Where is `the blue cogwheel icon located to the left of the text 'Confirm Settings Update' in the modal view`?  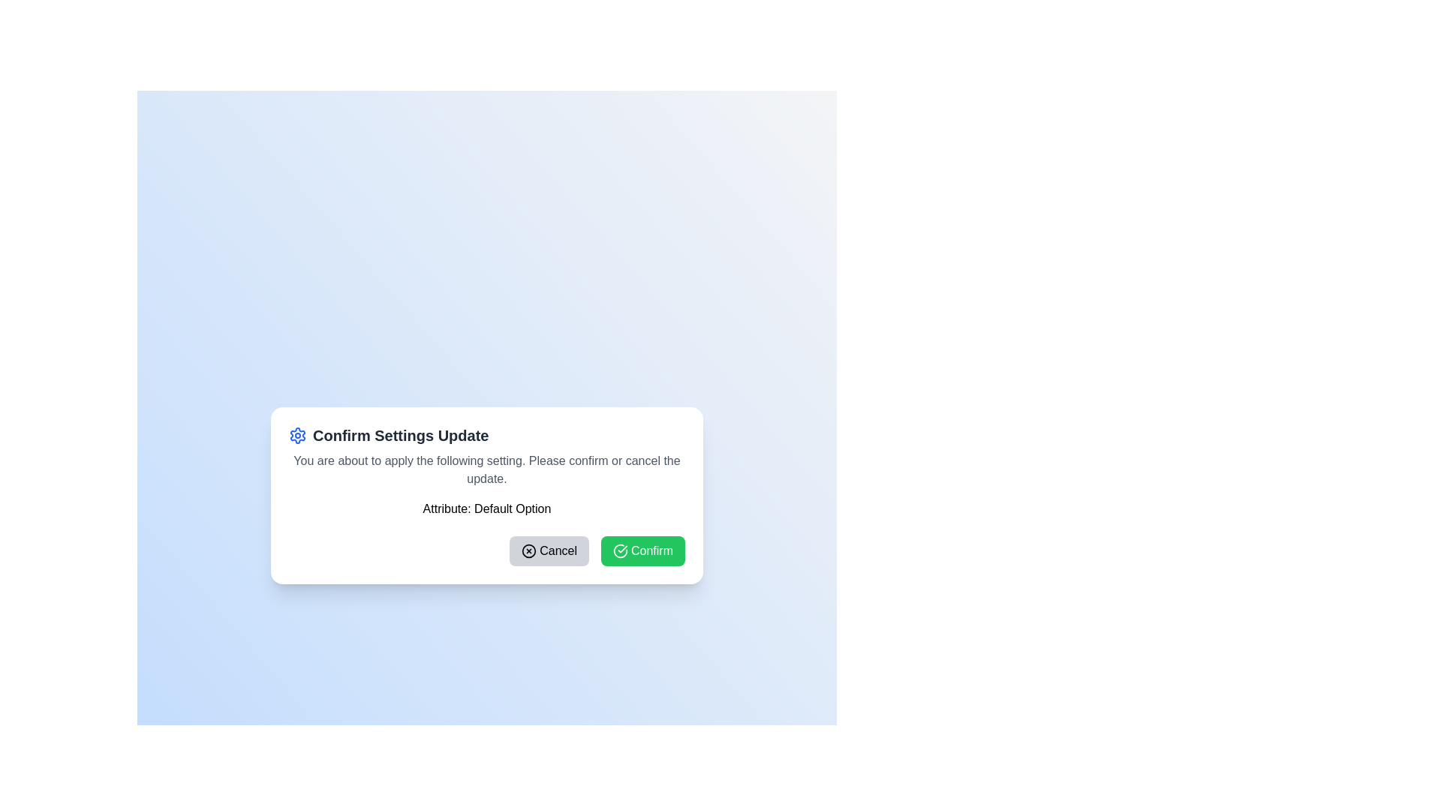 the blue cogwheel icon located to the left of the text 'Confirm Settings Update' in the modal view is located at coordinates (298, 436).